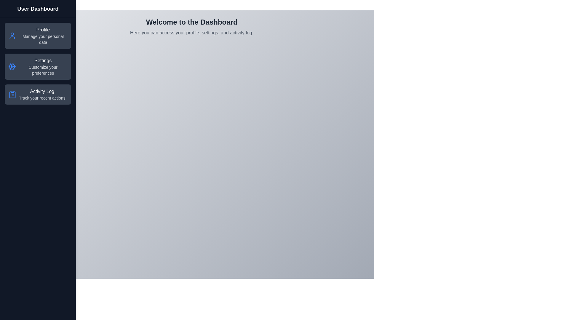 This screenshot has width=569, height=320. I want to click on 'Toggle Menu' button to toggle the visibility of the sidebar menu, so click(23, 10).